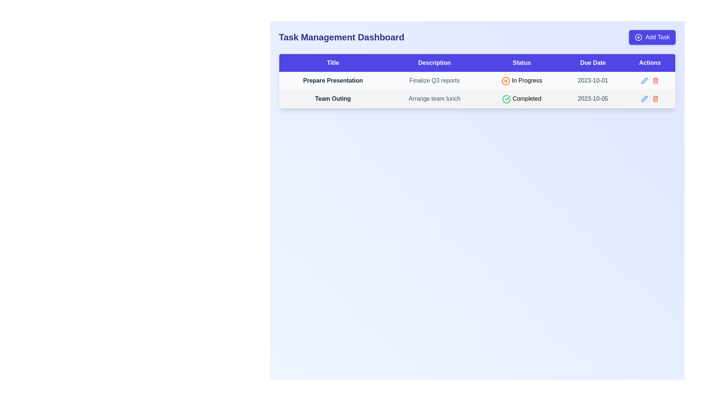  Describe the element at coordinates (521, 81) in the screenshot. I see `the non-interactive text label displaying the status 'In Progress', which is located in the 'Status' column of the first row in the table, between the 'Description' and 'Due Date' columns` at that location.